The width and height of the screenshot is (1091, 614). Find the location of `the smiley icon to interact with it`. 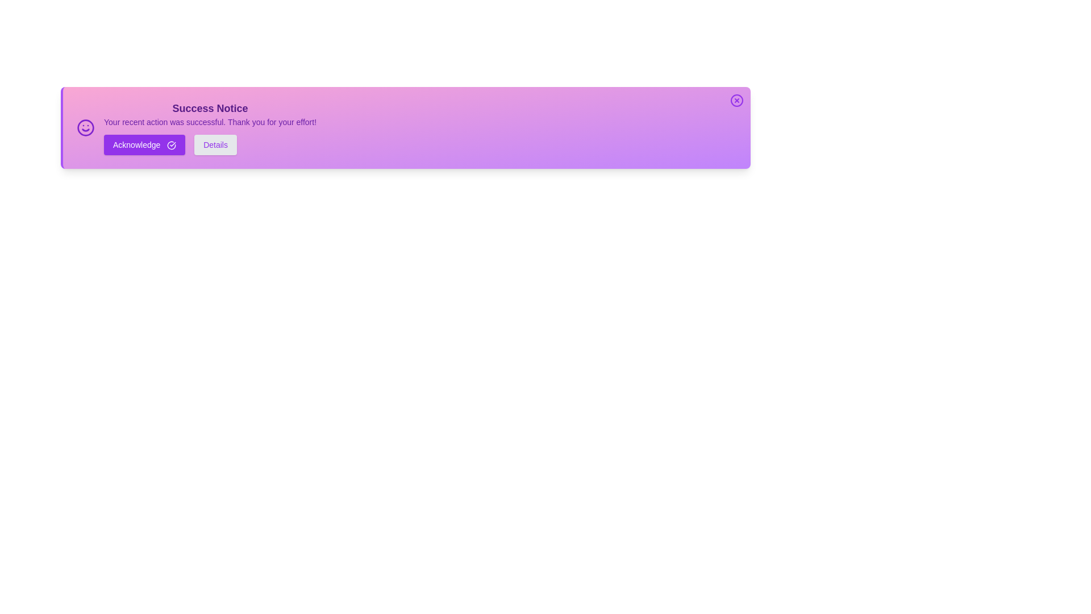

the smiley icon to interact with it is located at coordinates (85, 127).